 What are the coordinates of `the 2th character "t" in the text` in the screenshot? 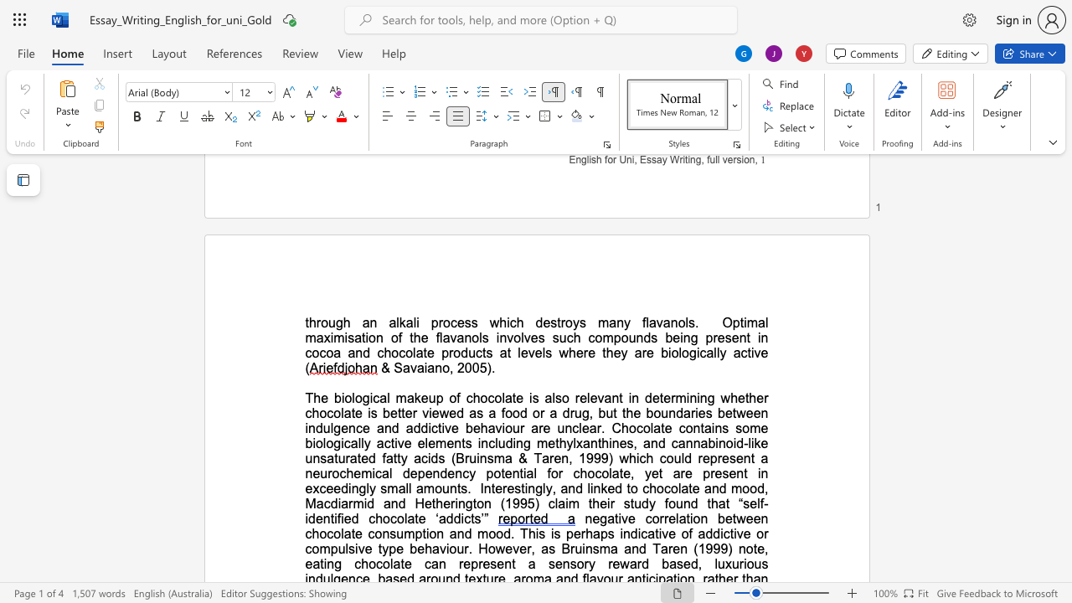 It's located at (352, 413).